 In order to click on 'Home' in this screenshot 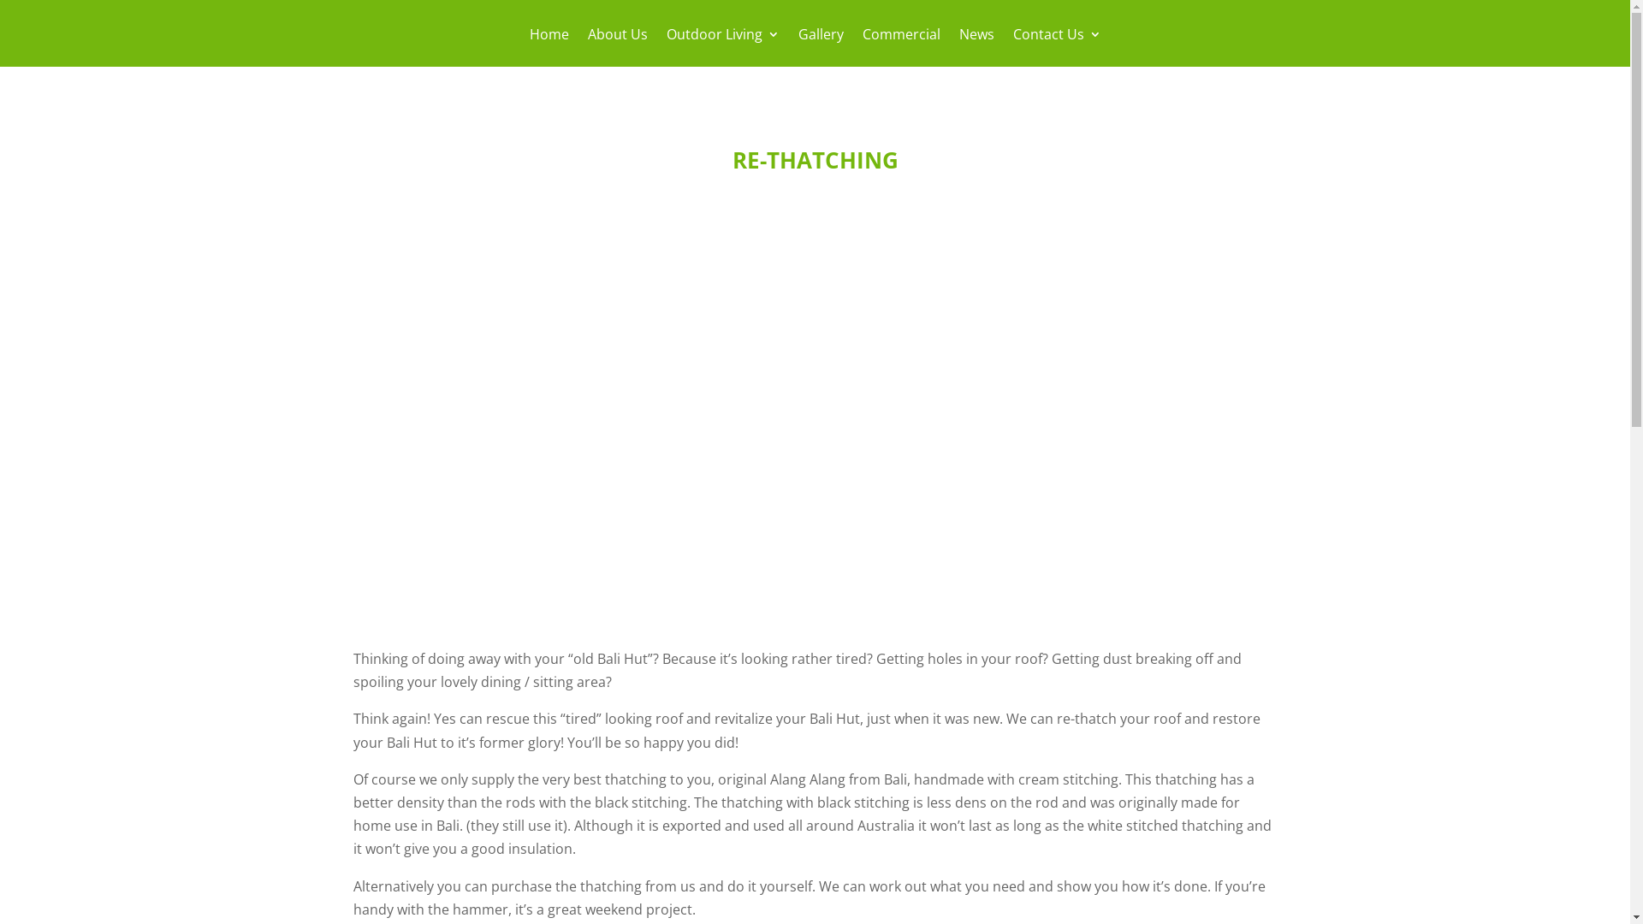, I will do `click(549, 45)`.